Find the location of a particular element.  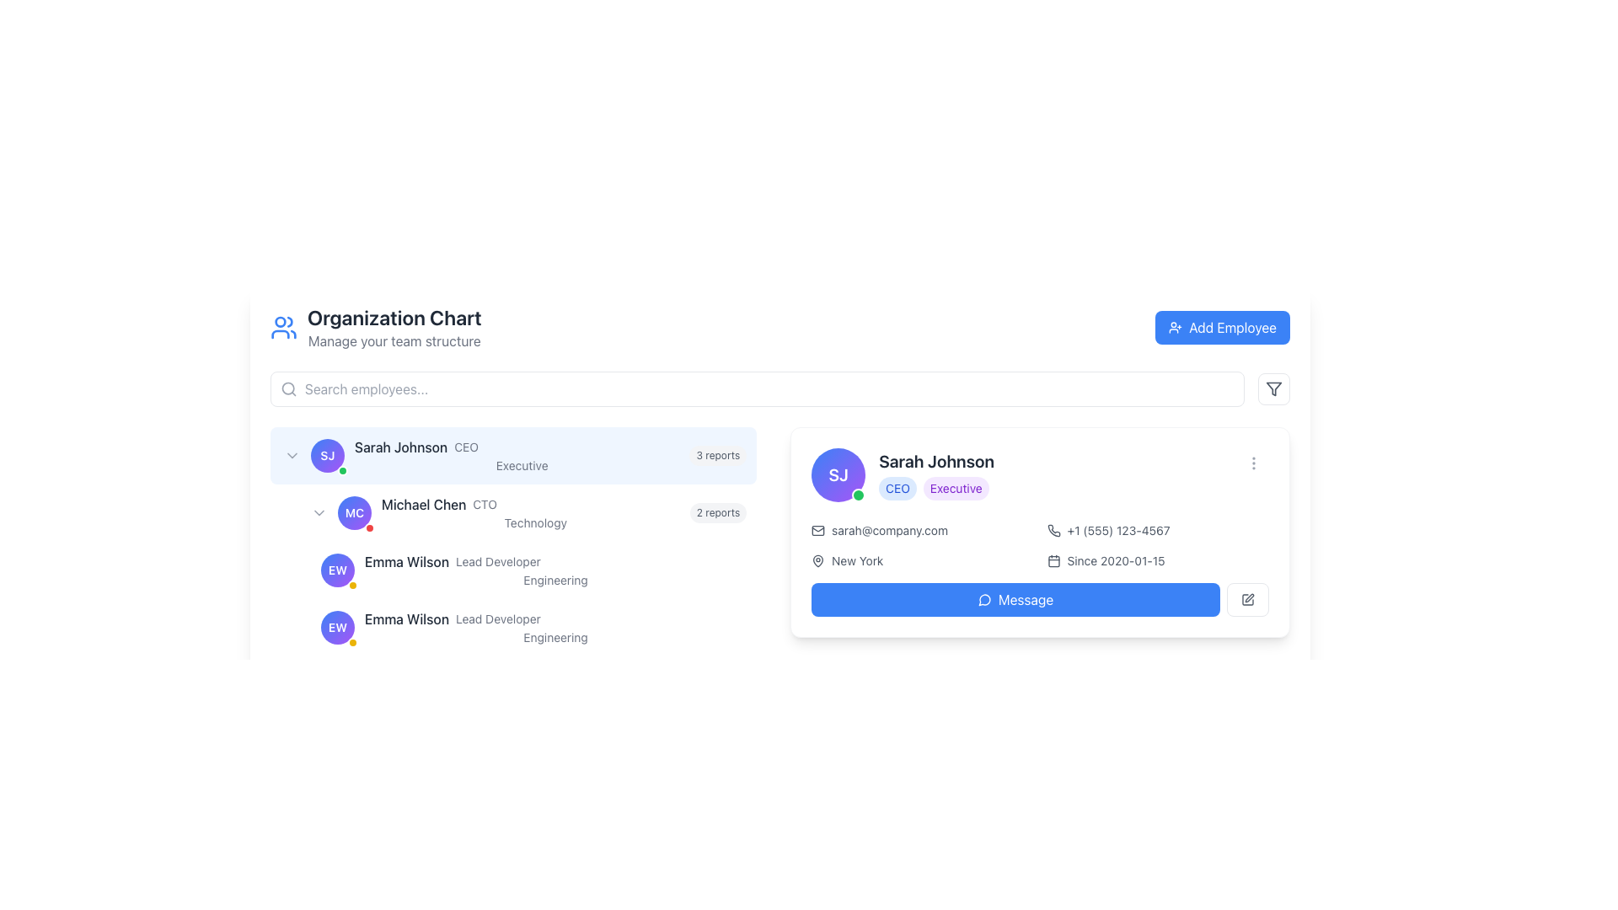

the name 'Emma Wilson' in the employee list is located at coordinates (512, 570).